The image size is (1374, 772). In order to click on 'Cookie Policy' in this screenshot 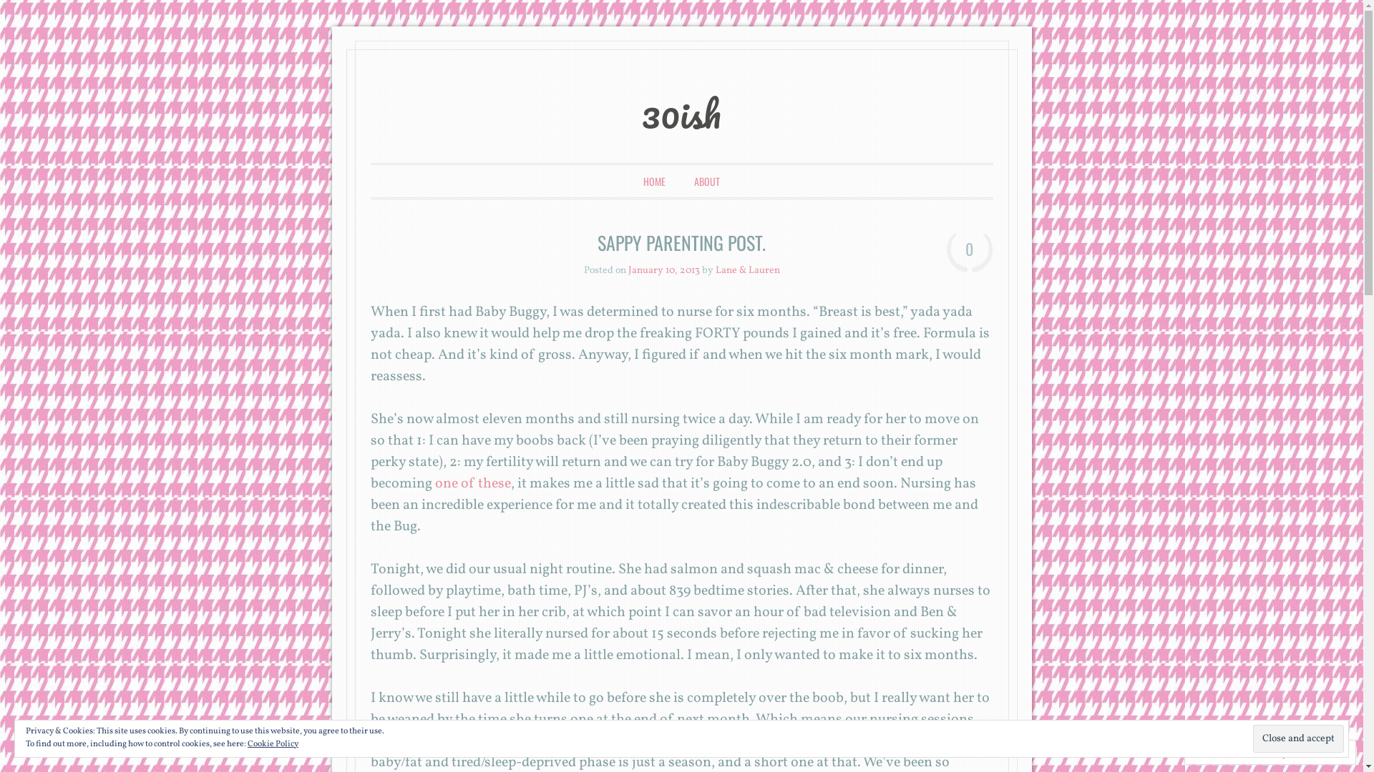, I will do `click(273, 743)`.